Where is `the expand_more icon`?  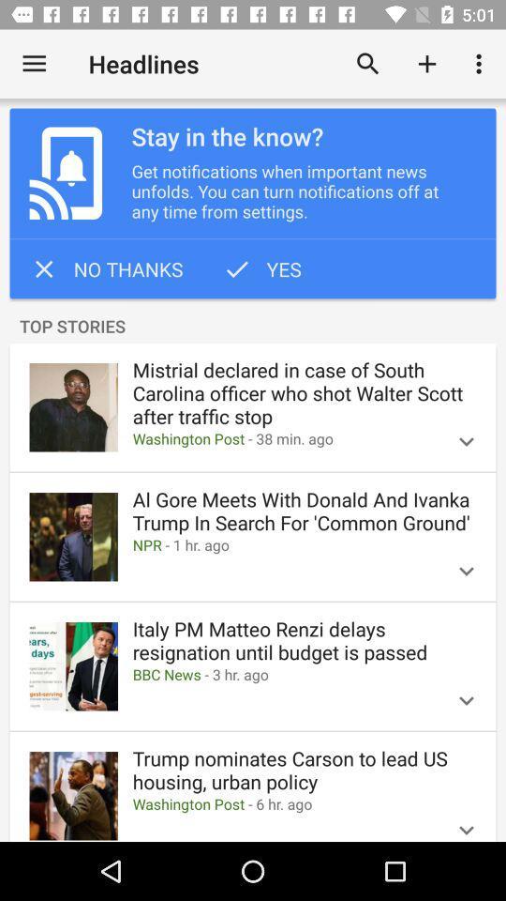
the expand_more icon is located at coordinates (465, 441).